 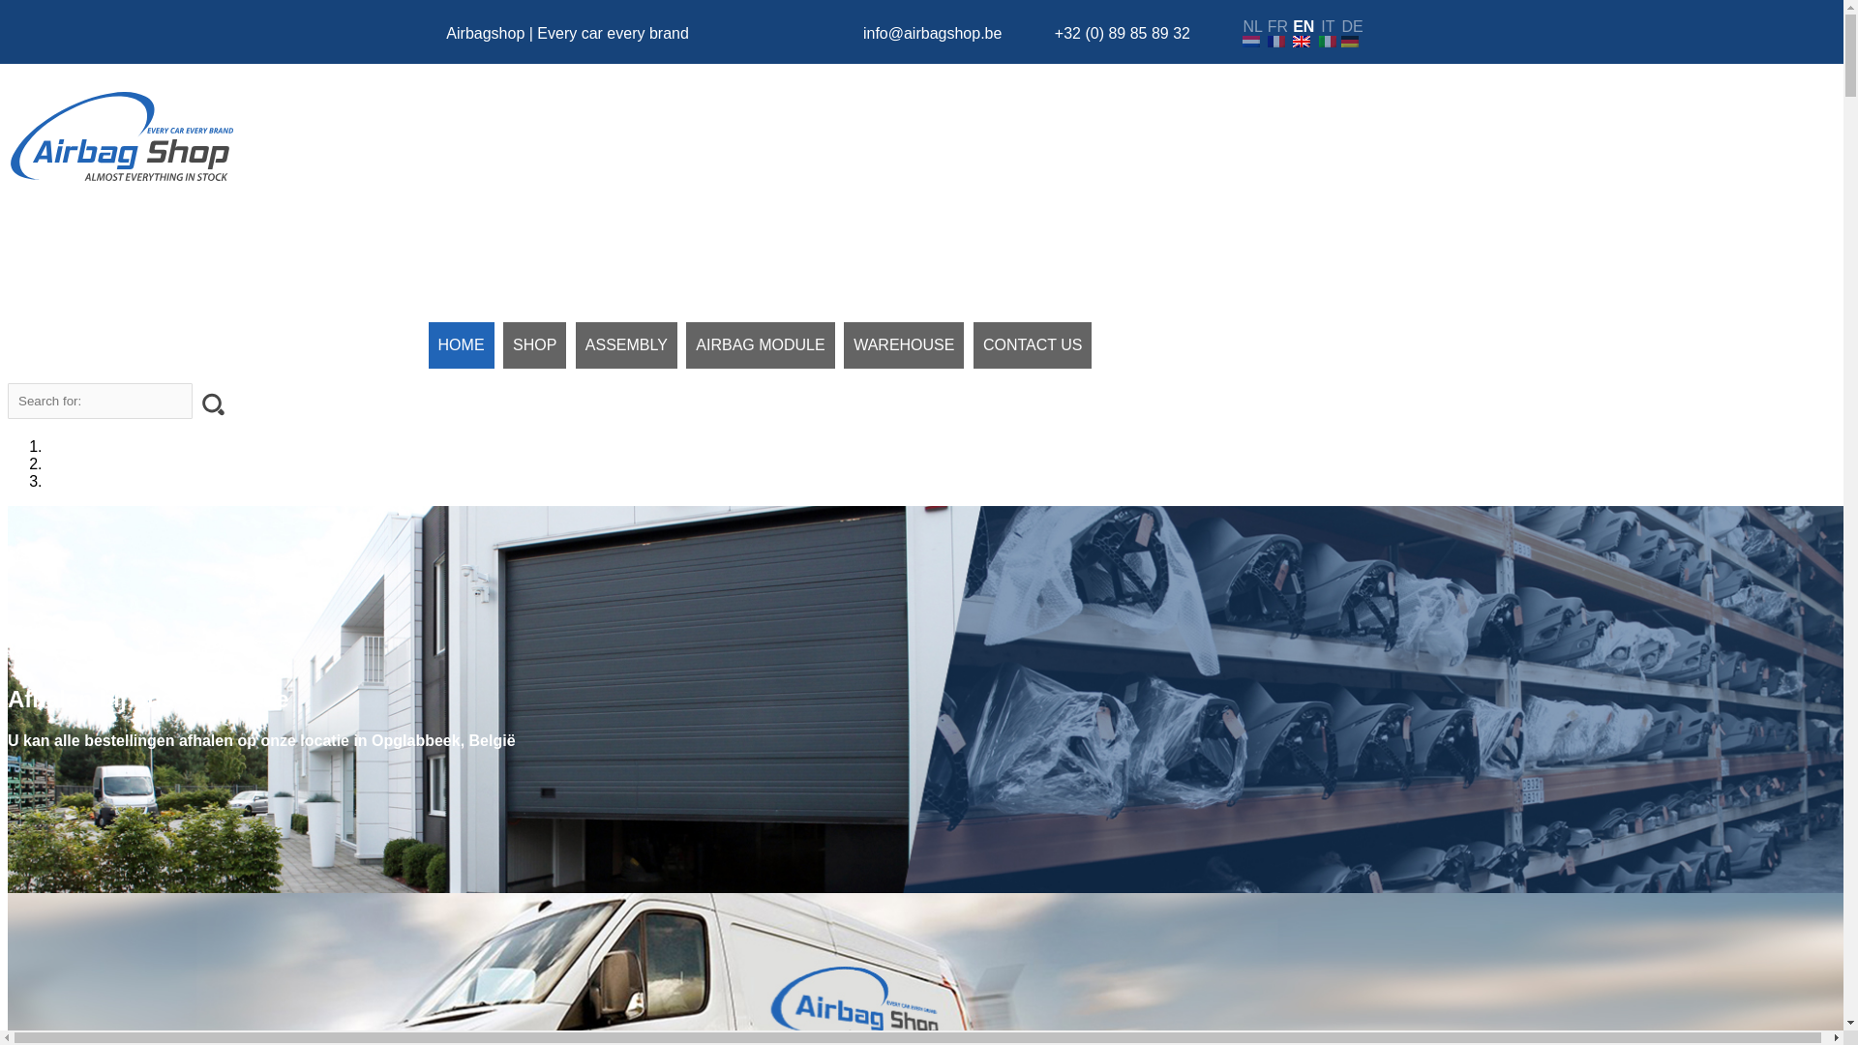 I want to click on 'search', so click(x=182, y=402).